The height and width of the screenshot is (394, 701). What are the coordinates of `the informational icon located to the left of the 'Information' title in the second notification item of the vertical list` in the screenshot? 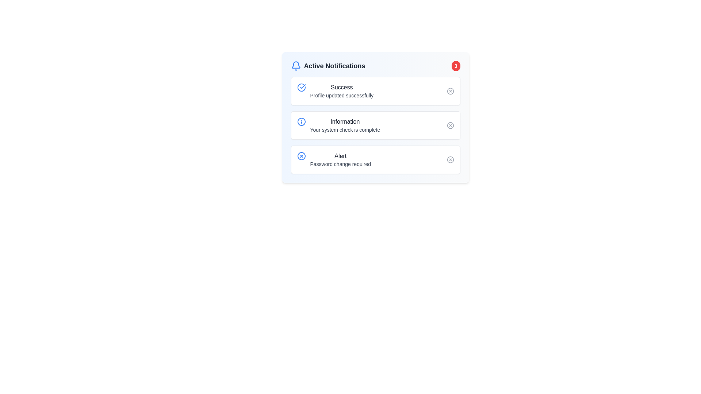 It's located at (301, 121).